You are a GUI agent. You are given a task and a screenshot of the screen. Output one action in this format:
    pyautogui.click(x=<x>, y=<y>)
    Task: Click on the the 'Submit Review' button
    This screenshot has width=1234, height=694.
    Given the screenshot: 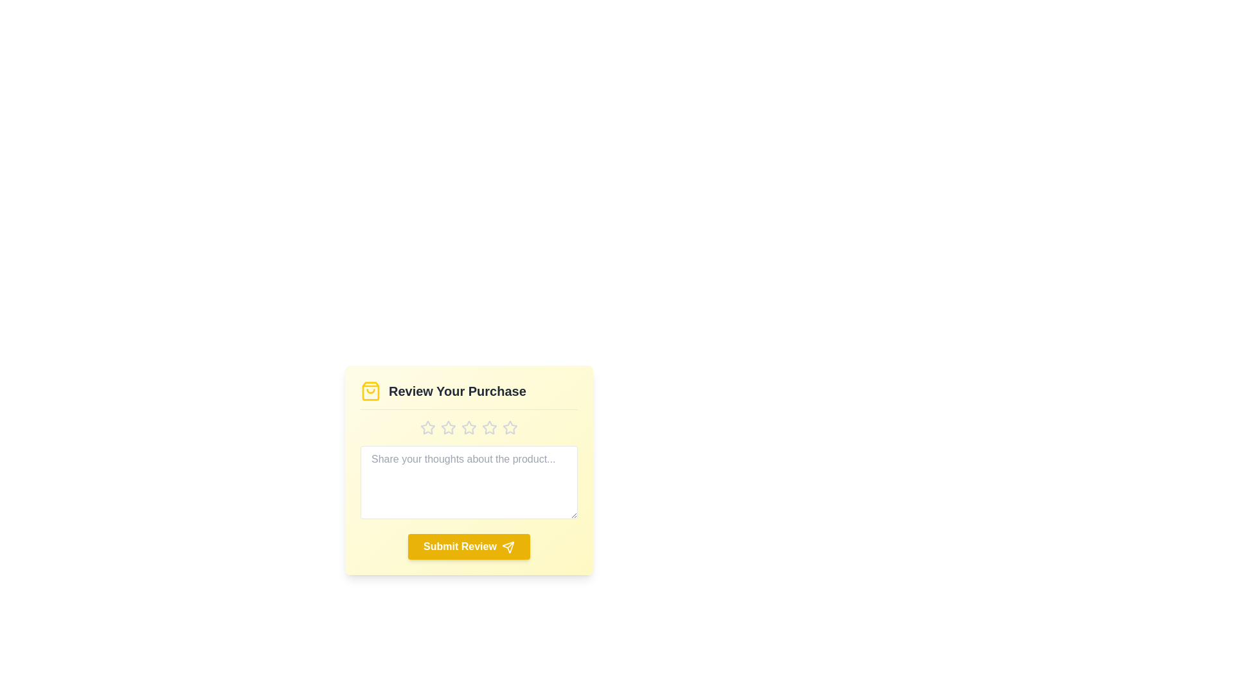 What is the action you would take?
    pyautogui.click(x=468, y=547)
    